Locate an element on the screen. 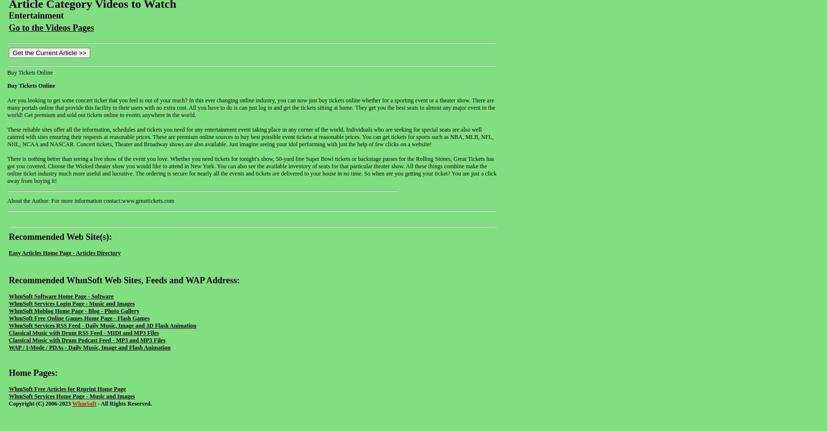 The width and height of the screenshot is (827, 431). 'Home Pages:' is located at coordinates (8, 372).